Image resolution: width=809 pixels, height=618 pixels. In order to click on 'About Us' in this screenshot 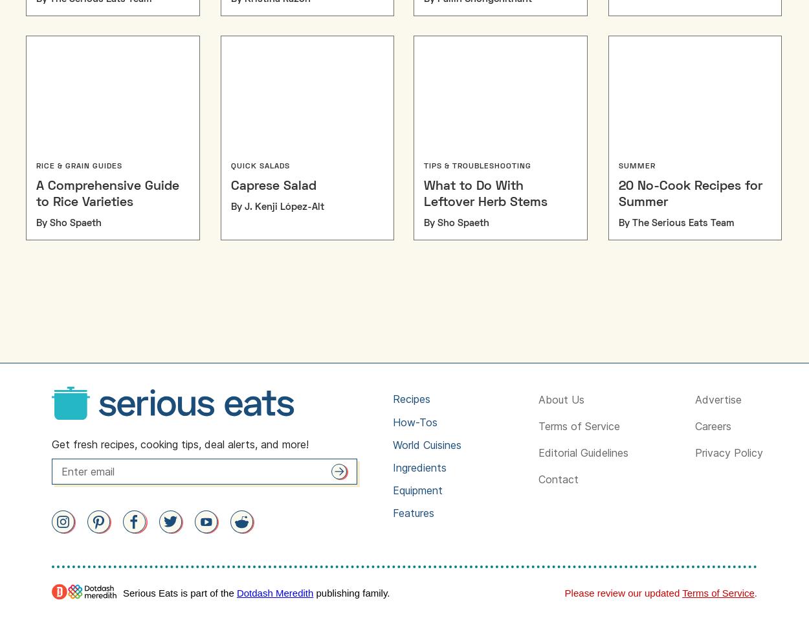, I will do `click(537, 399)`.